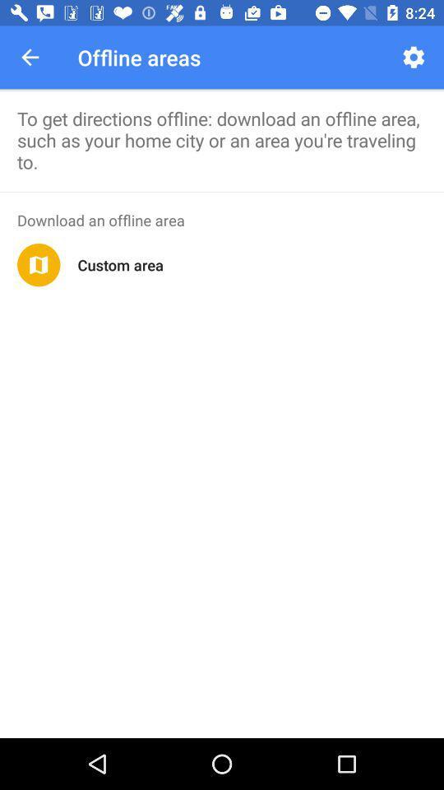 This screenshot has height=790, width=444. I want to click on the app above the download an offline, so click(222, 192).